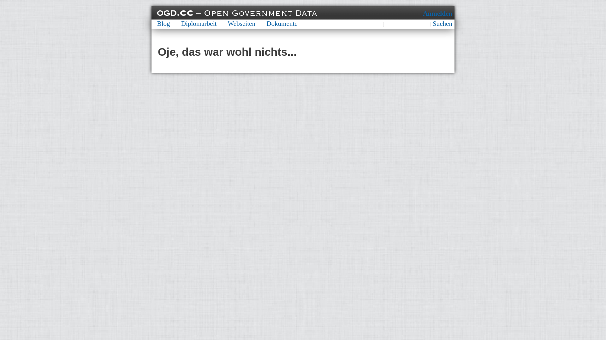 The image size is (606, 340). Describe the element at coordinates (437, 13) in the screenshot. I see `'Anmelden'` at that location.